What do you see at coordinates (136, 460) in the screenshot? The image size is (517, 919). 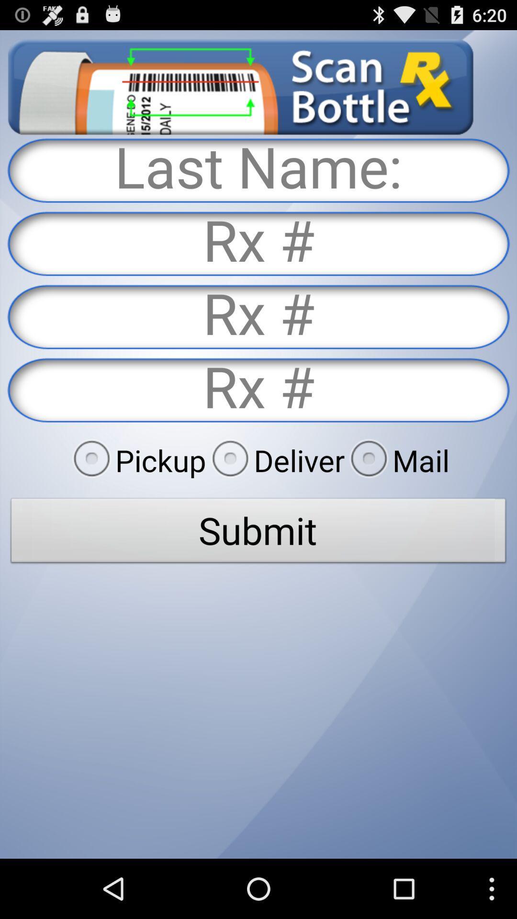 I see `the pickup item` at bounding box center [136, 460].